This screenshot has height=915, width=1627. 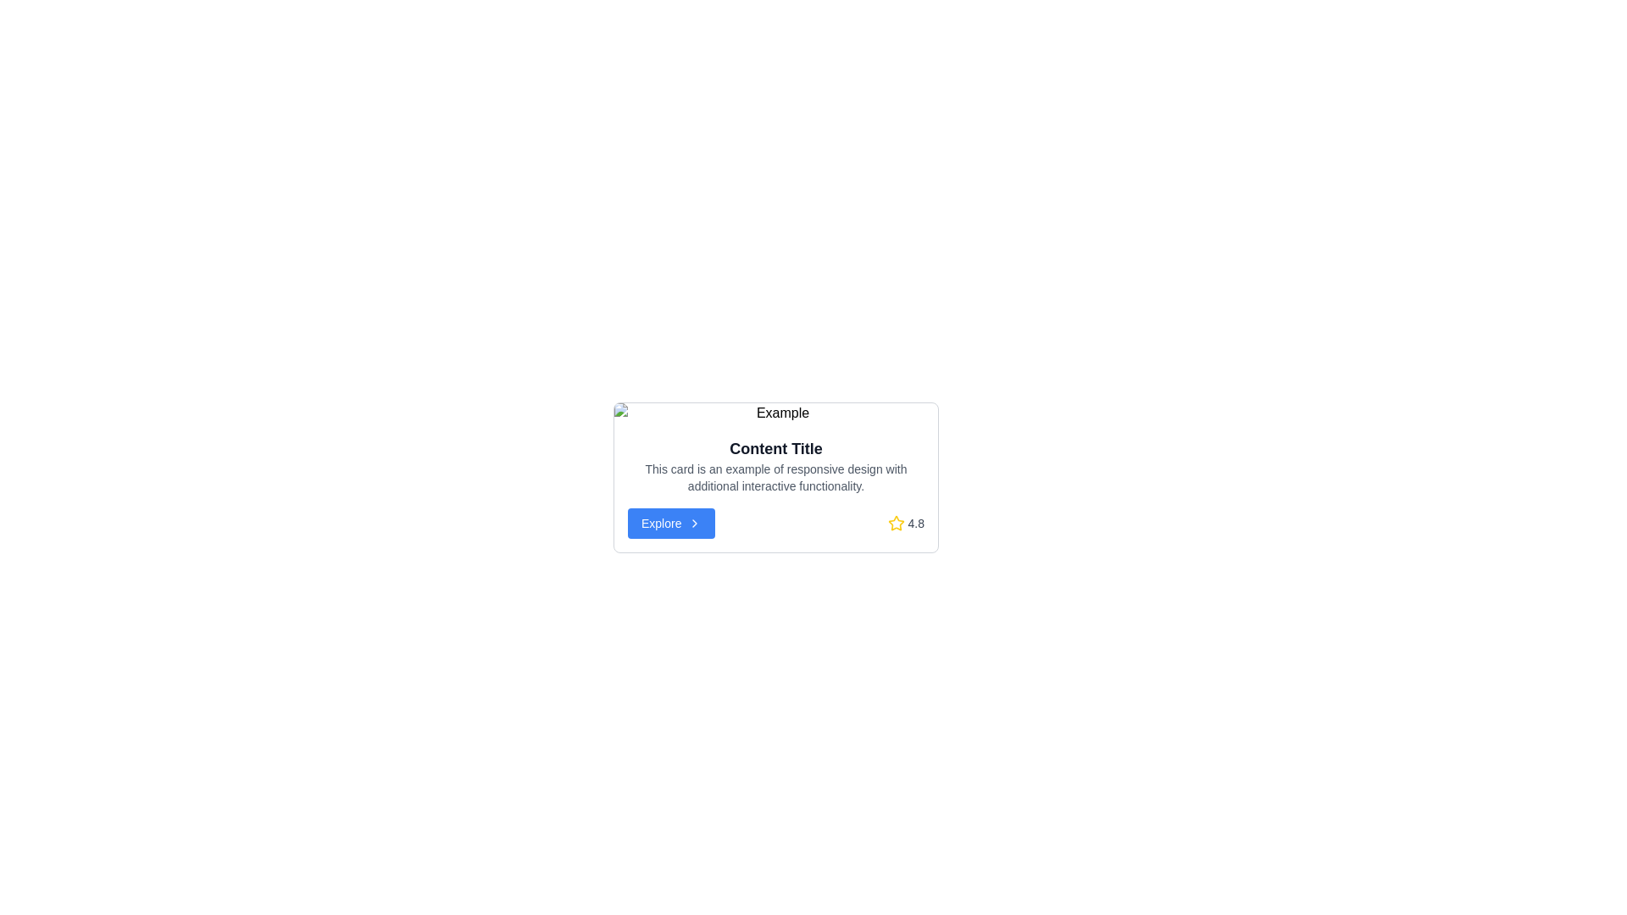 I want to click on the rating indicator displaying a score of 4.8, located towards the right within a card-like layout, so click(x=905, y=522).